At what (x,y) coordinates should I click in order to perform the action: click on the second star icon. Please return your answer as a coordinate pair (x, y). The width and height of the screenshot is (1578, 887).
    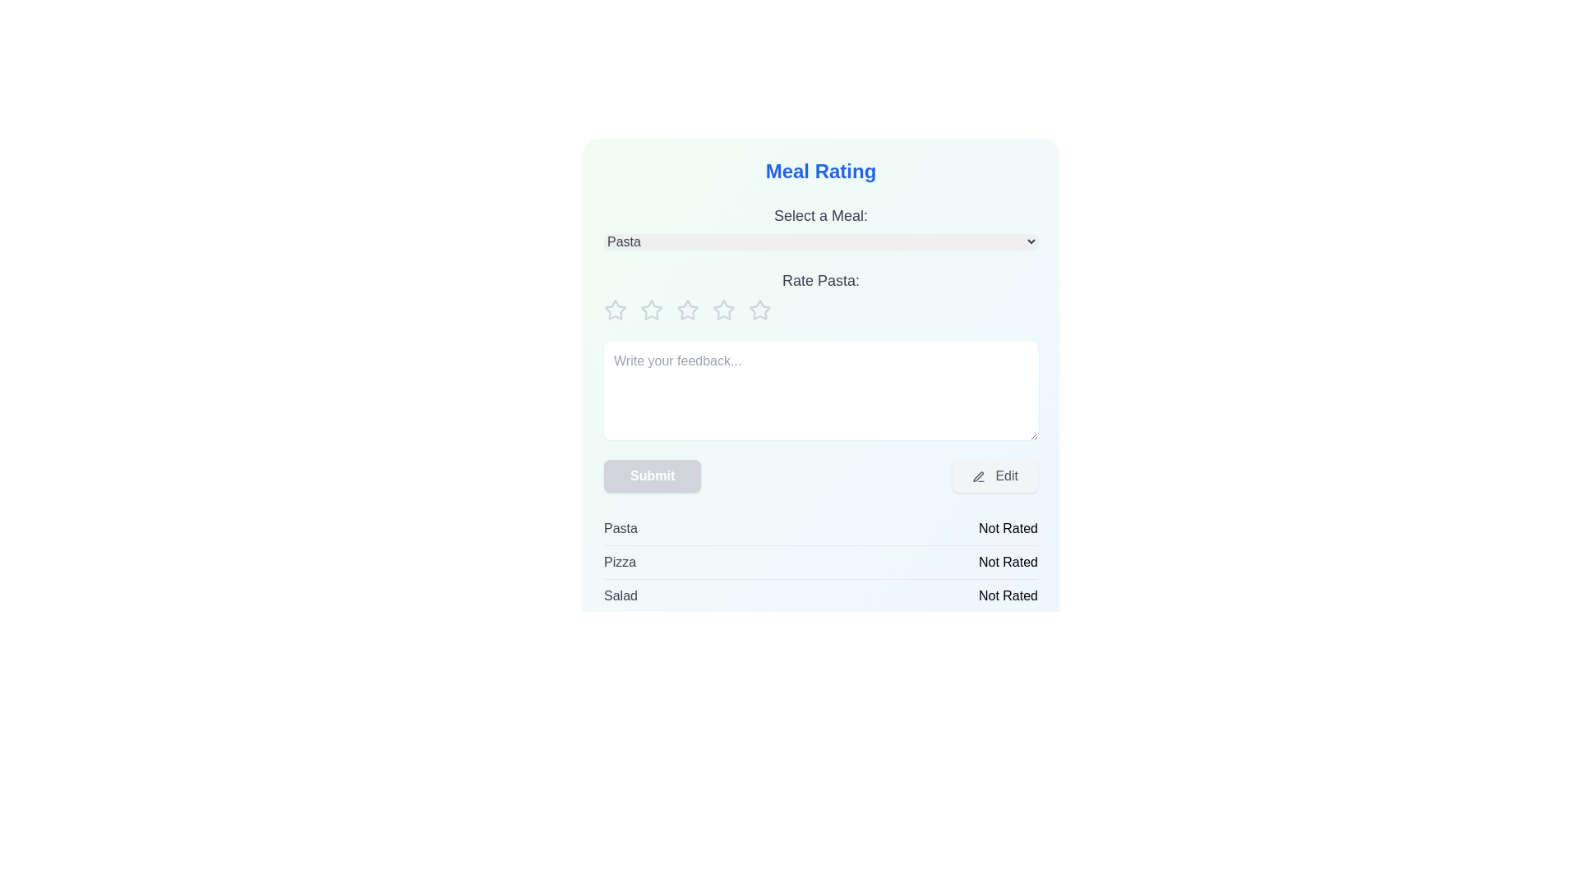
    Looking at the image, I should click on (687, 310).